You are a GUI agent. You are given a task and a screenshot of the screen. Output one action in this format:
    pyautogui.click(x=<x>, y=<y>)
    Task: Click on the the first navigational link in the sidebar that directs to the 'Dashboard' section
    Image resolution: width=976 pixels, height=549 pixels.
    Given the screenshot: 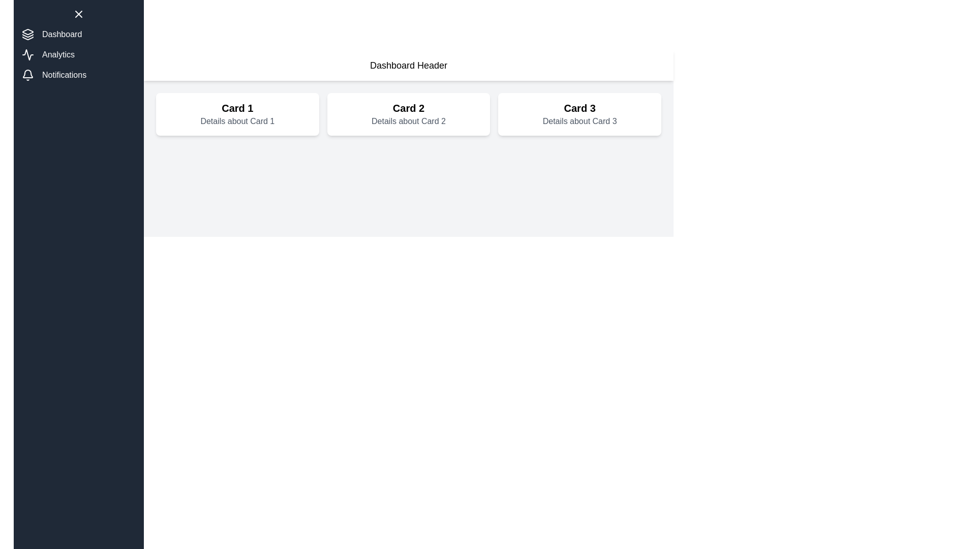 What is the action you would take?
    pyautogui.click(x=78, y=34)
    